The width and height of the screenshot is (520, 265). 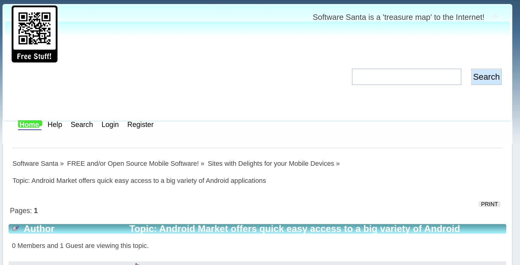 What do you see at coordinates (80, 245) in the screenshot?
I see `'0 Members and 1 Guest are viewing this topic.'` at bounding box center [80, 245].